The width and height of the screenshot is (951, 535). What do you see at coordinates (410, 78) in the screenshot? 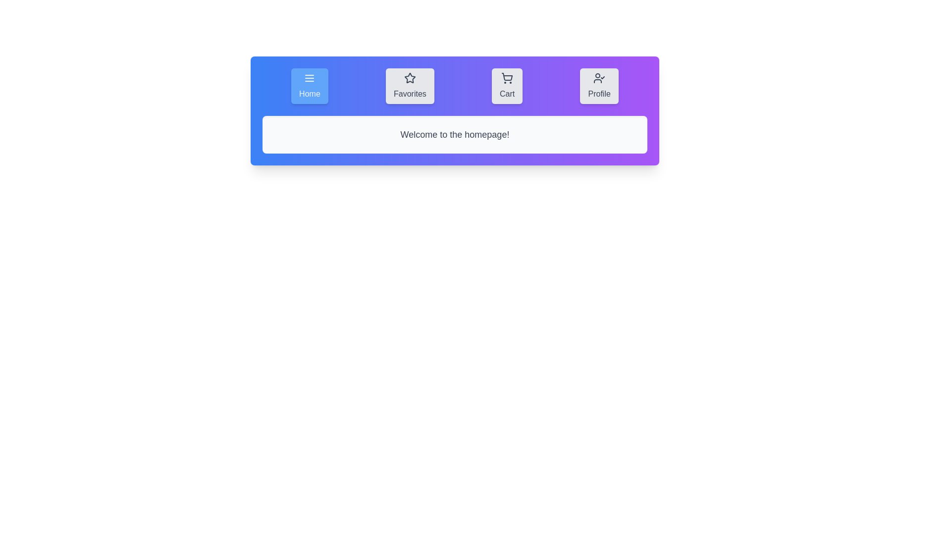
I see `the outlined star icon located within the 'Favorites' button in the top navigation bar` at bounding box center [410, 78].